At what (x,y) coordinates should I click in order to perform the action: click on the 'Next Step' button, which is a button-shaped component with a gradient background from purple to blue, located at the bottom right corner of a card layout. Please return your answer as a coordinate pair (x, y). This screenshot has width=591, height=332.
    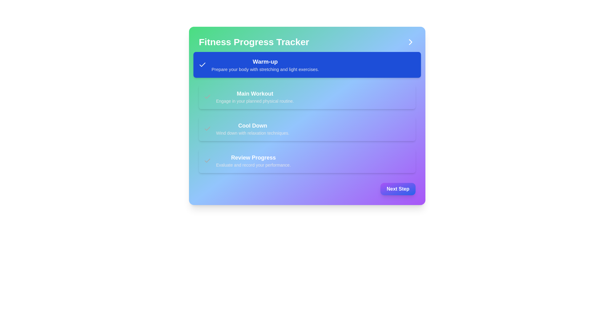
    Looking at the image, I should click on (398, 188).